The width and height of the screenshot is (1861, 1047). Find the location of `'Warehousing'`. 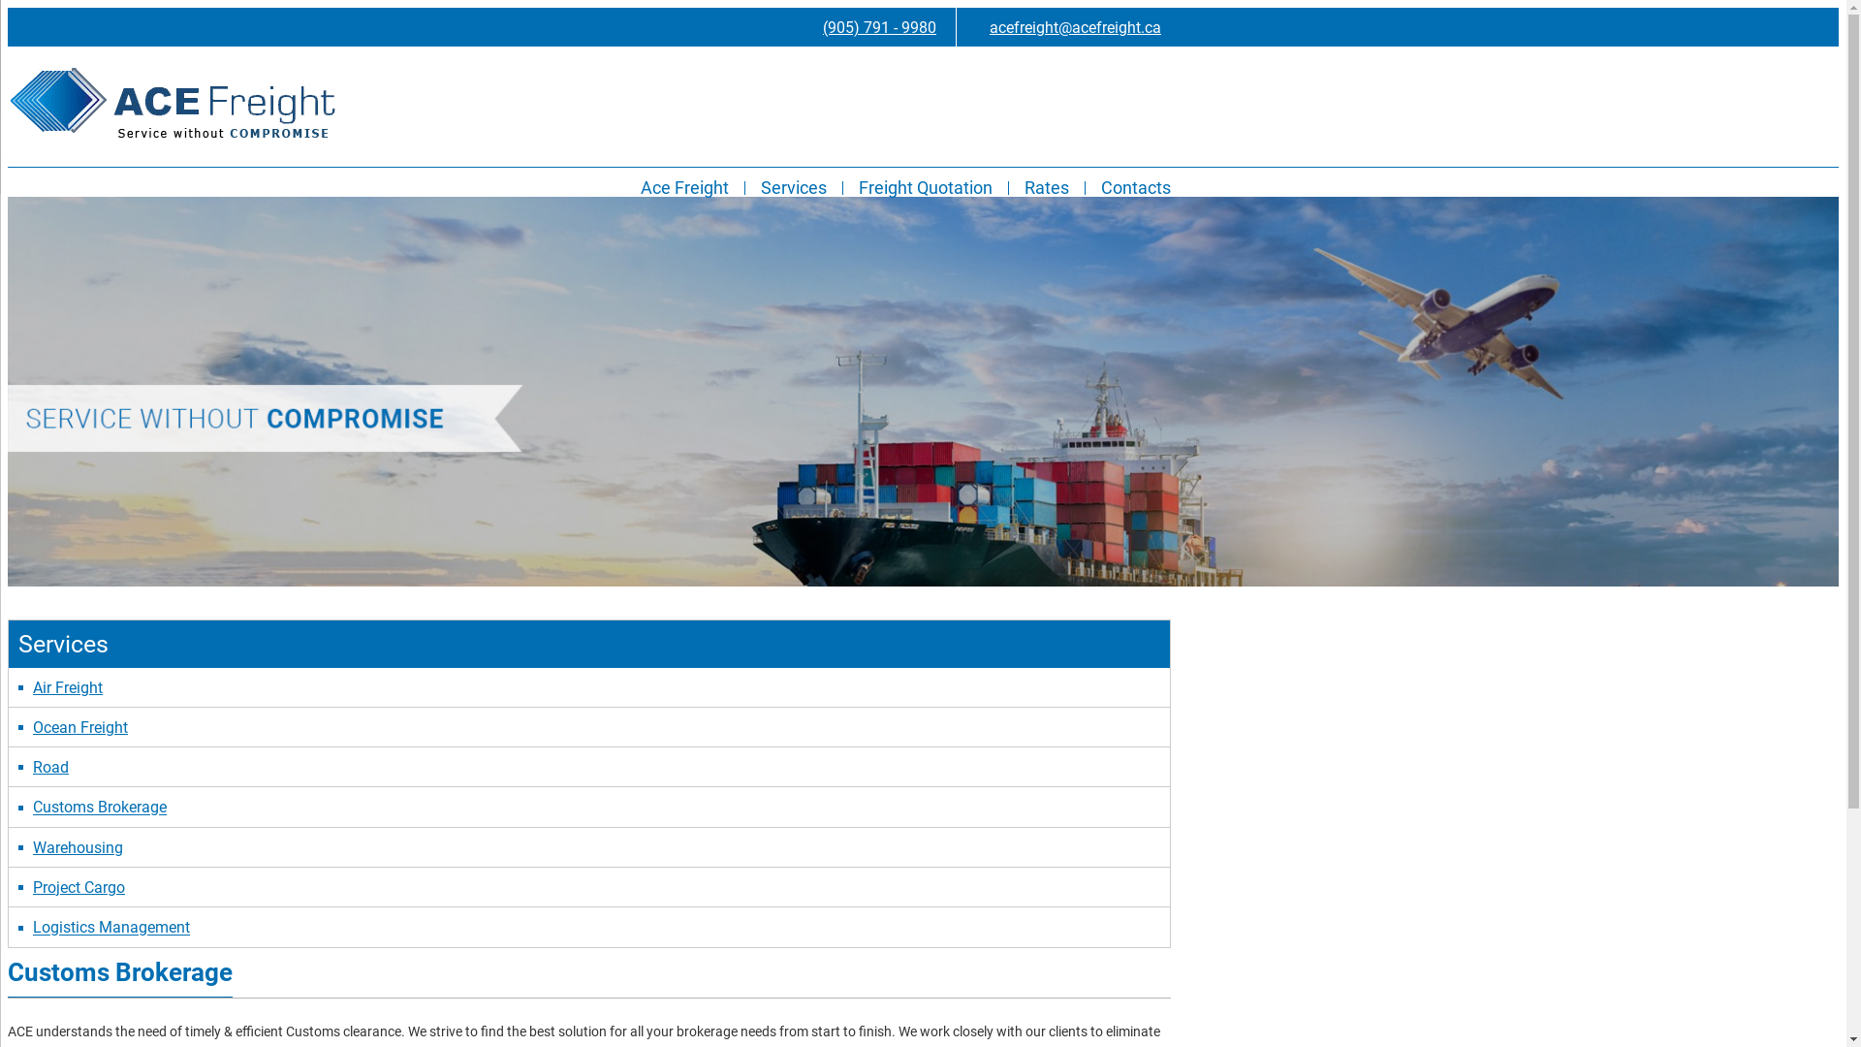

'Warehousing' is located at coordinates (32, 846).